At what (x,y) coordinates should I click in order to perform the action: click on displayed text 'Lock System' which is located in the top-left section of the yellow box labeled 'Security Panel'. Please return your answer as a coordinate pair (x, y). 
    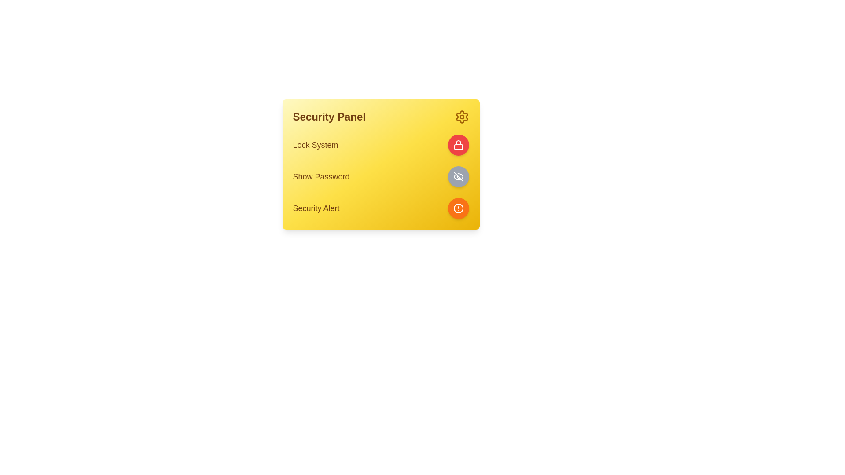
    Looking at the image, I should click on (315, 145).